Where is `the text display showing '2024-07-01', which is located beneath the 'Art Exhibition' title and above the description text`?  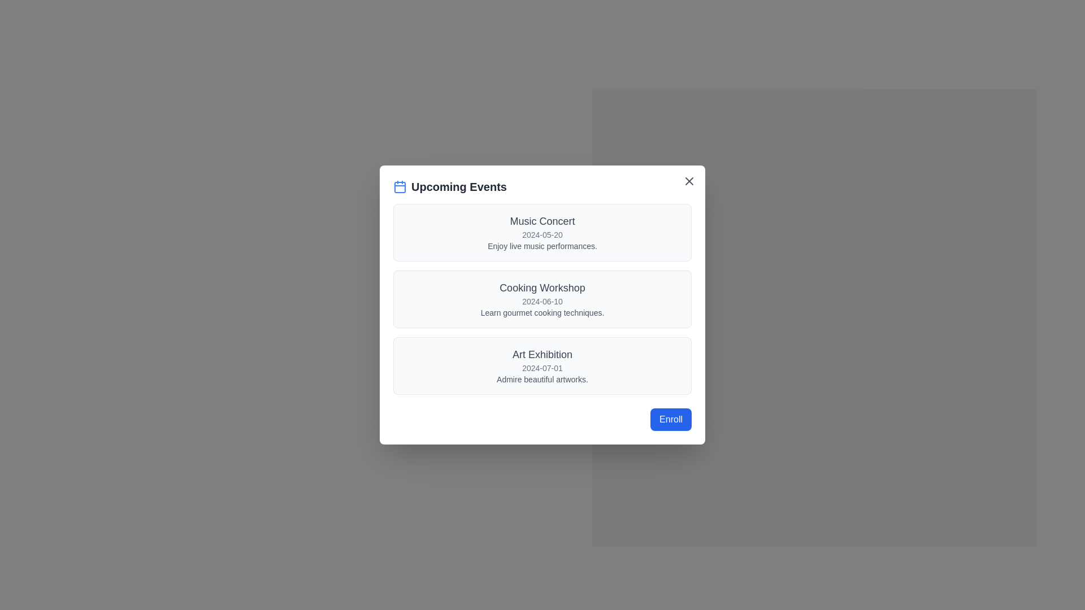 the text display showing '2024-07-01', which is located beneath the 'Art Exhibition' title and above the description text is located at coordinates (542, 368).